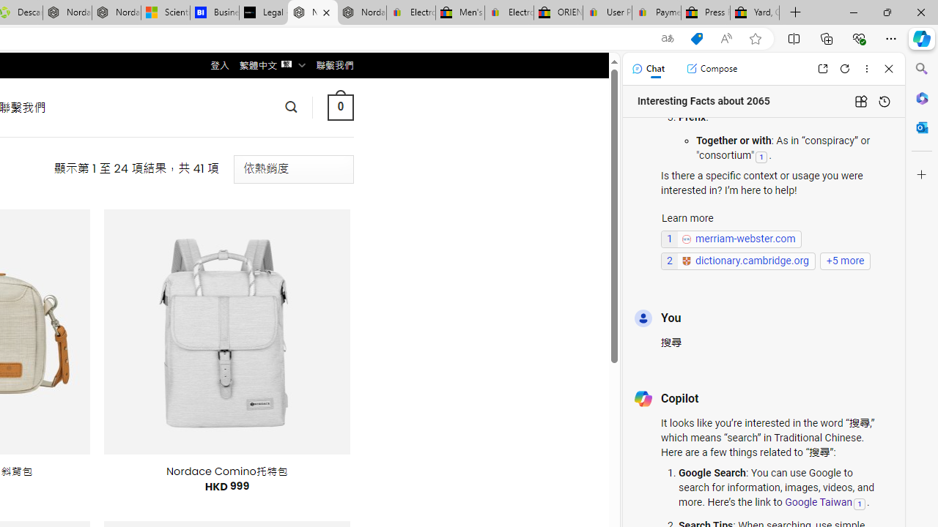 The image size is (938, 527). What do you see at coordinates (666, 38) in the screenshot?
I see `'Show translate options'` at bounding box center [666, 38].